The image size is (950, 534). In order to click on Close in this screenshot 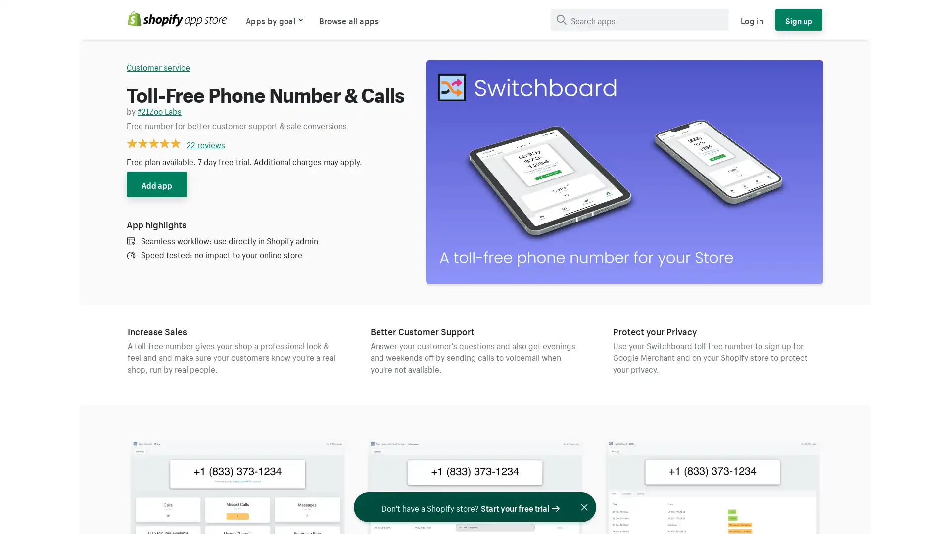, I will do `click(588, 507)`.